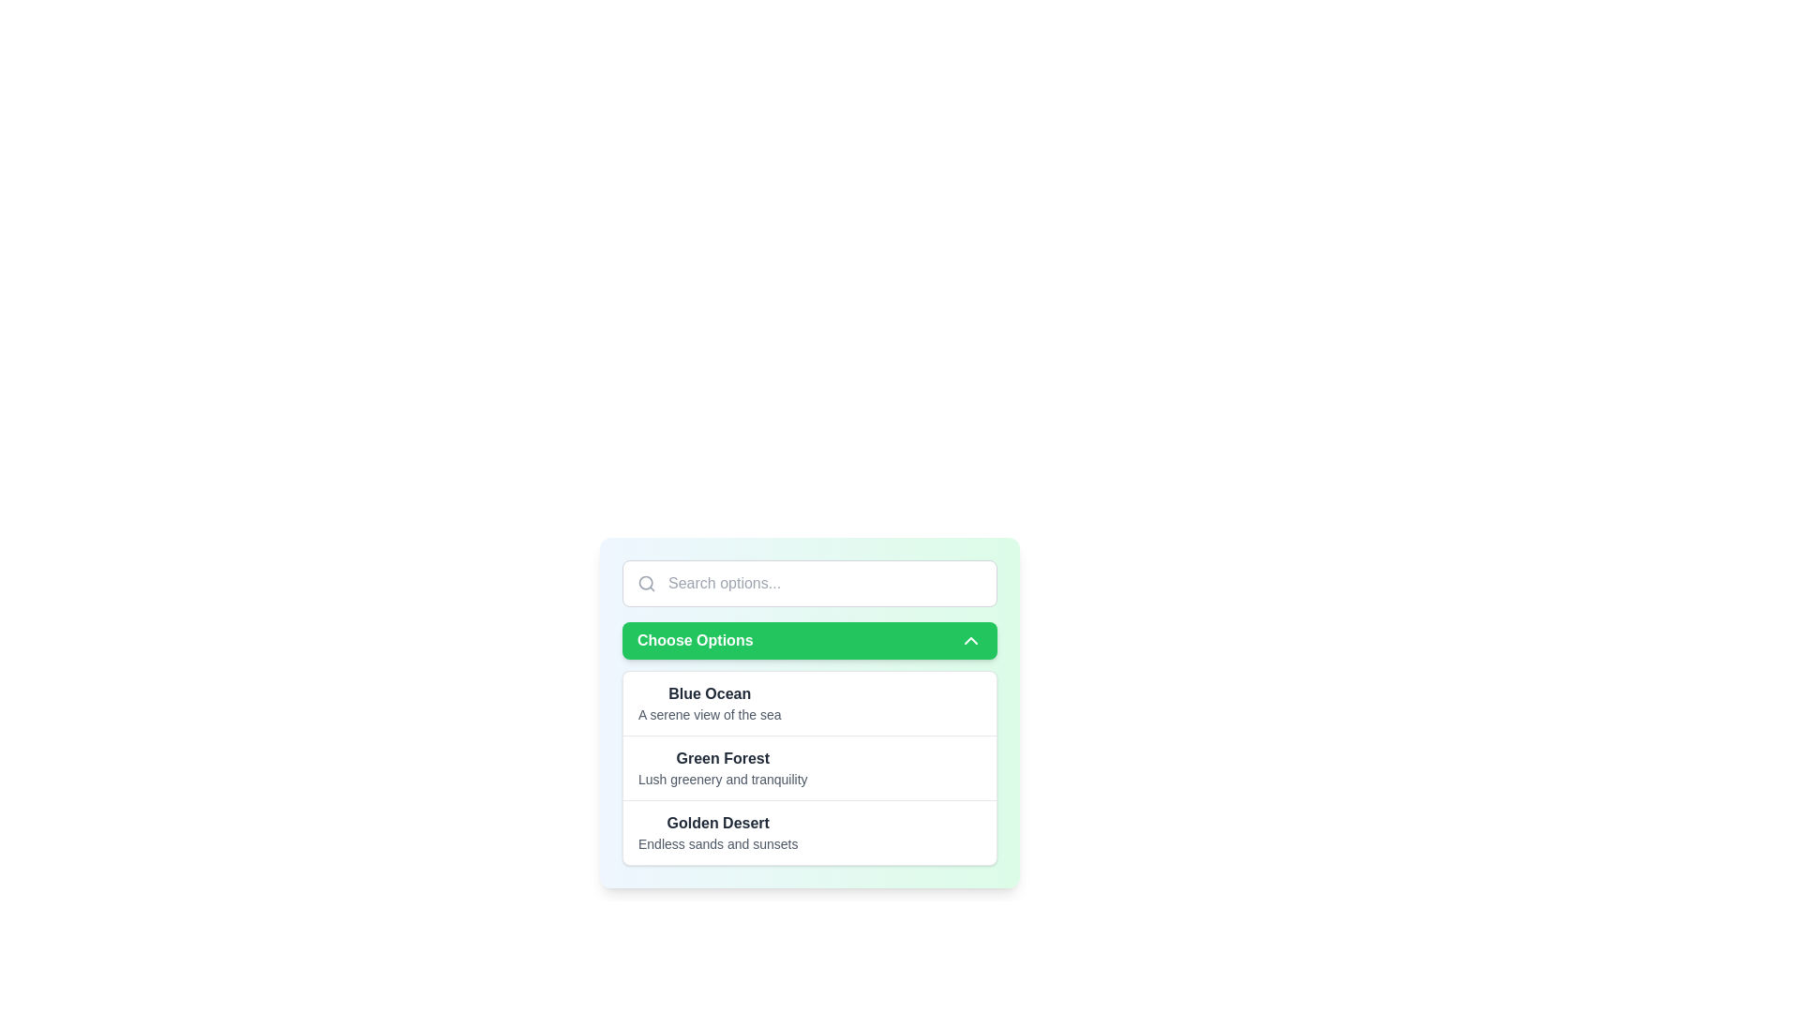 Image resolution: width=1800 pixels, height=1012 pixels. What do you see at coordinates (810, 767) in the screenshot?
I see `the 'Green Forest' selection button in the list` at bounding box center [810, 767].